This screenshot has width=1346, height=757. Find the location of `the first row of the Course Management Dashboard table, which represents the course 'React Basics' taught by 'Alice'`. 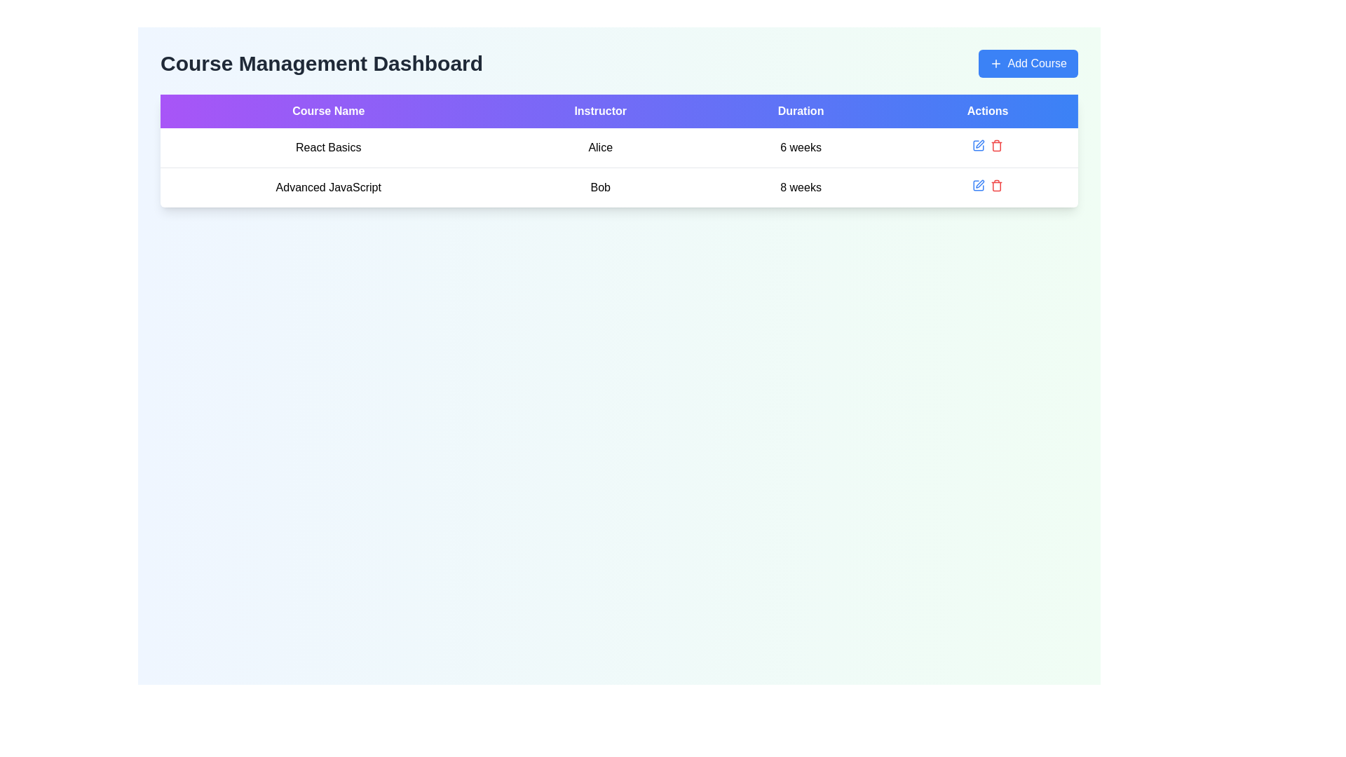

the first row of the Course Management Dashboard table, which represents the course 'React Basics' taught by 'Alice' is located at coordinates (618, 148).